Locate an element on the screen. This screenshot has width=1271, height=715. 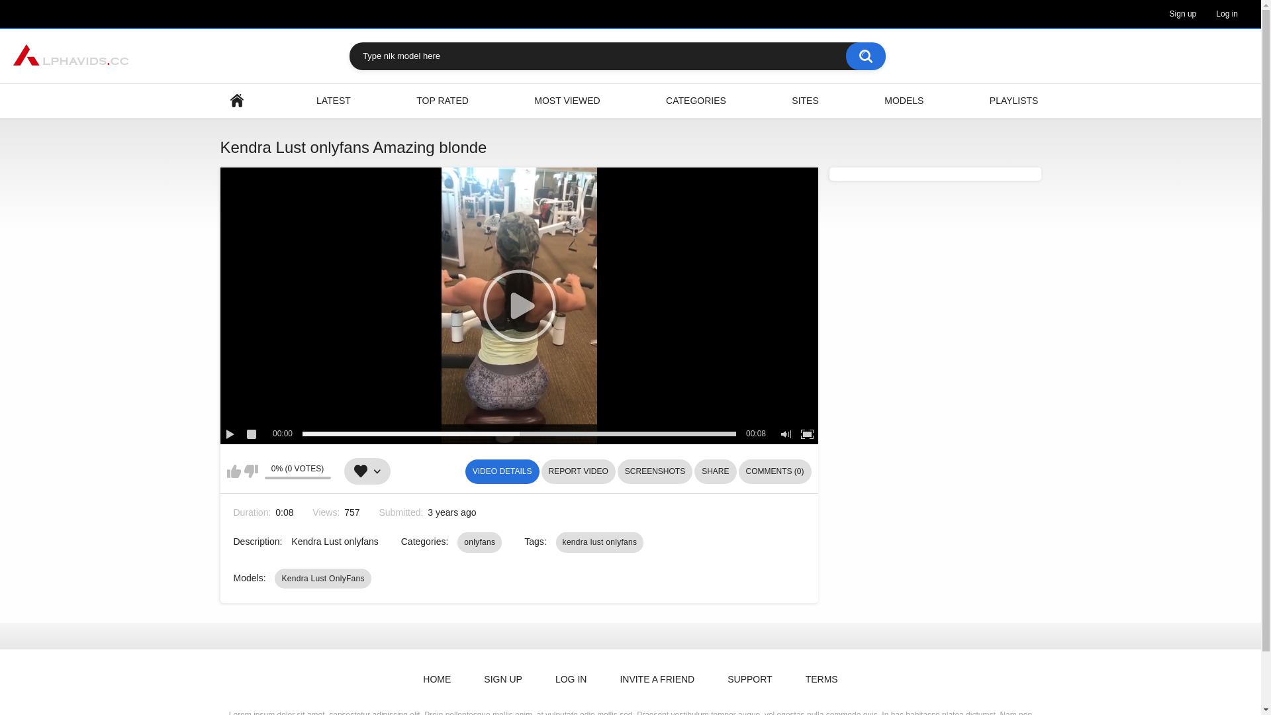
'VIDEO DETAILS' is located at coordinates (465, 471).